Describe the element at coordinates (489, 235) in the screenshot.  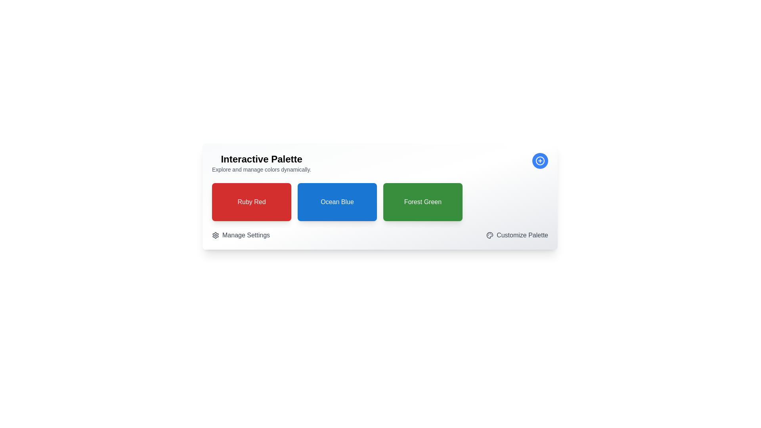
I see `the painter's palette icon located in the 'Customize Palette' section to use its visual for guidance in selecting nearby interactive elements` at that location.